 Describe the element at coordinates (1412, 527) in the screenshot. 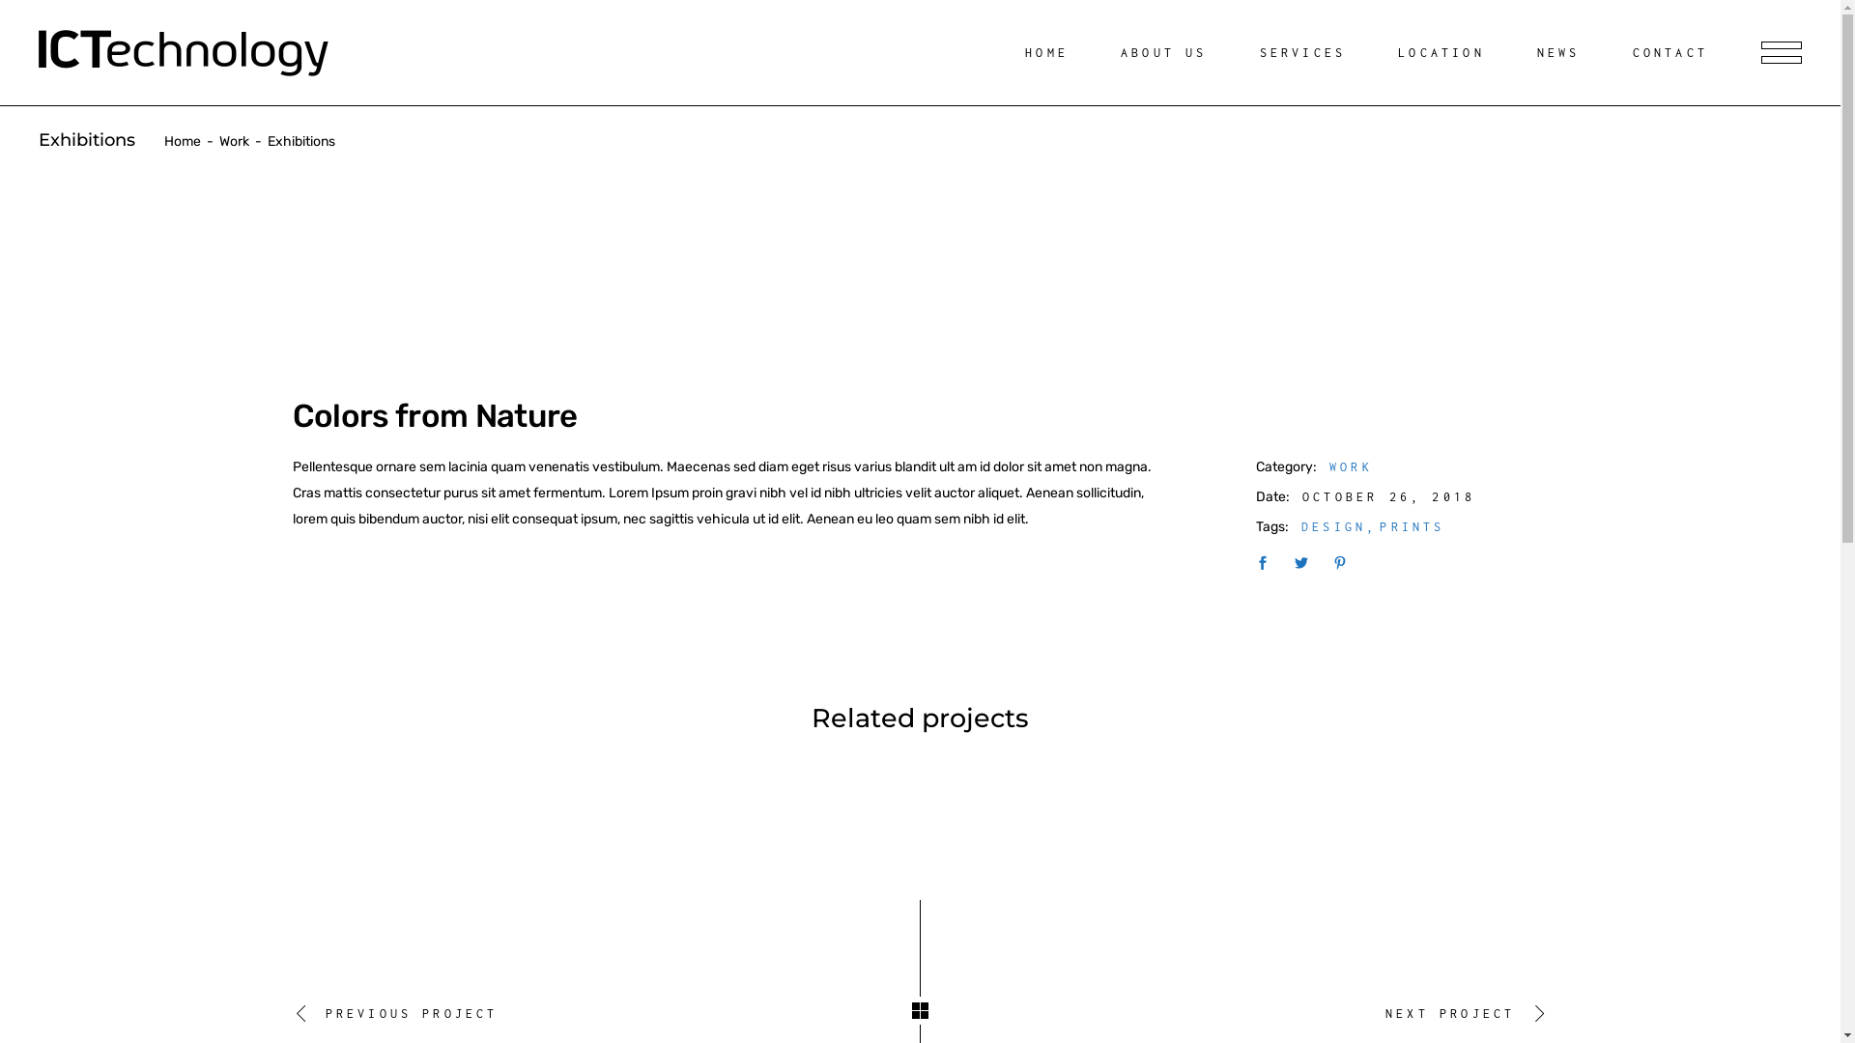

I see `'PRINTS'` at that location.